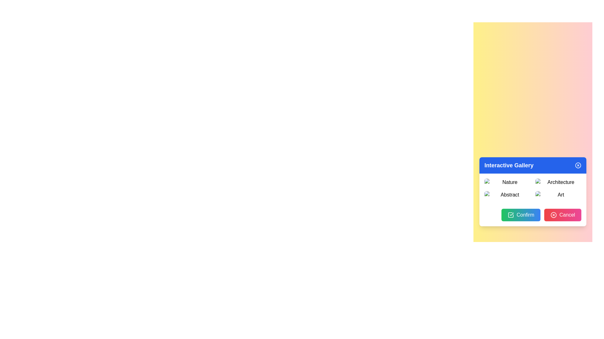 The image size is (604, 339). Describe the element at coordinates (578, 165) in the screenshot. I see `the Decorative SVG circle element that forms a border around the close button in the top-right corner of the modal` at that location.